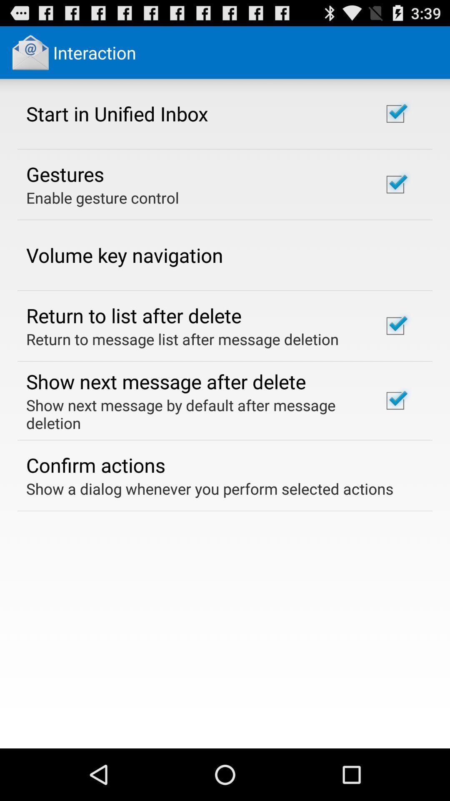  I want to click on start in unified, so click(117, 113).